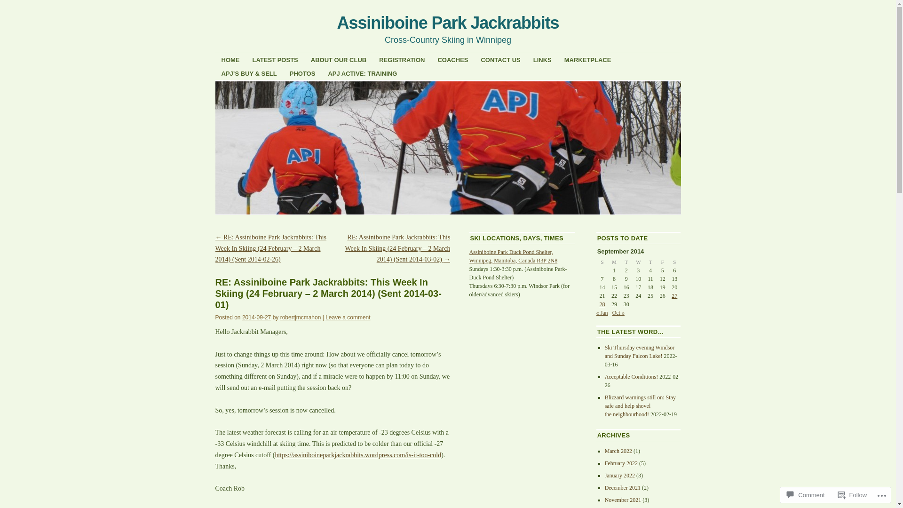 The height and width of the screenshot is (508, 903). I want to click on 'December 2021', so click(623, 487).